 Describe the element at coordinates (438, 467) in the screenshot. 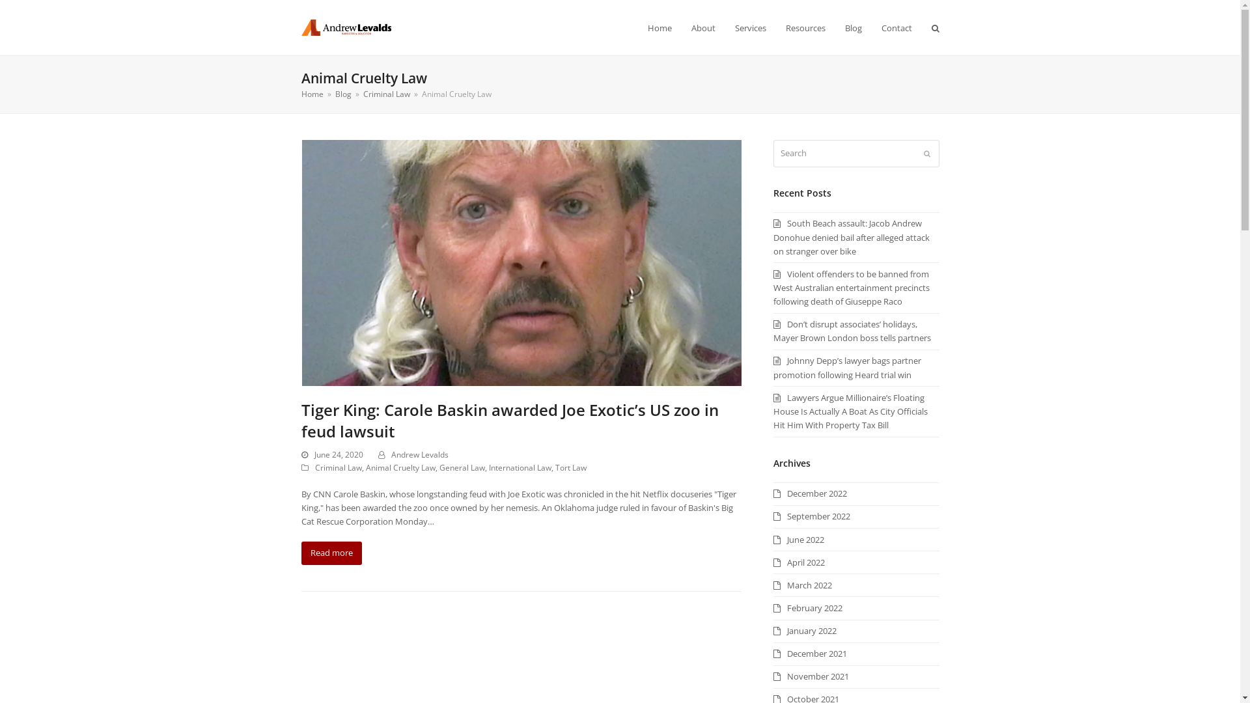

I see `'General Law'` at that location.